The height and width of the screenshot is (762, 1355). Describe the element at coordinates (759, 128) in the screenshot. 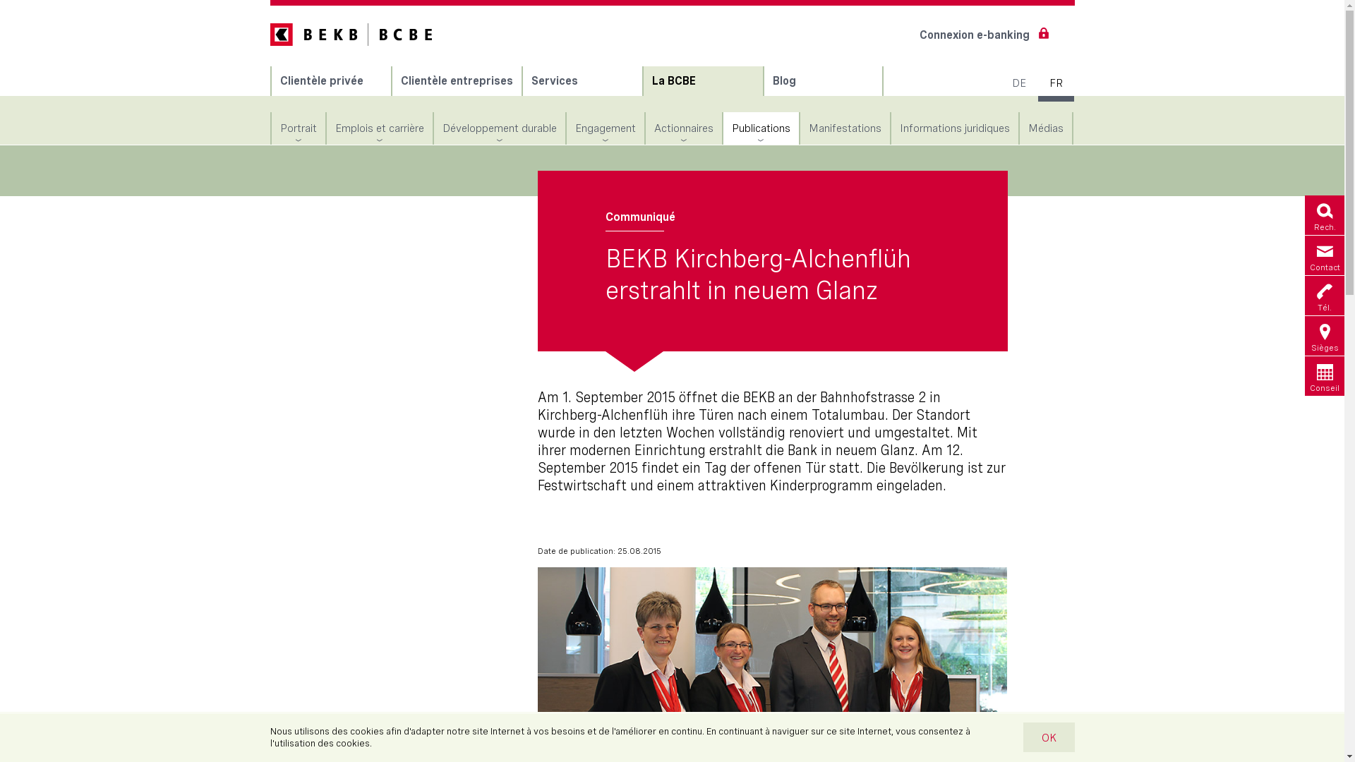

I see `'Publications` at that location.